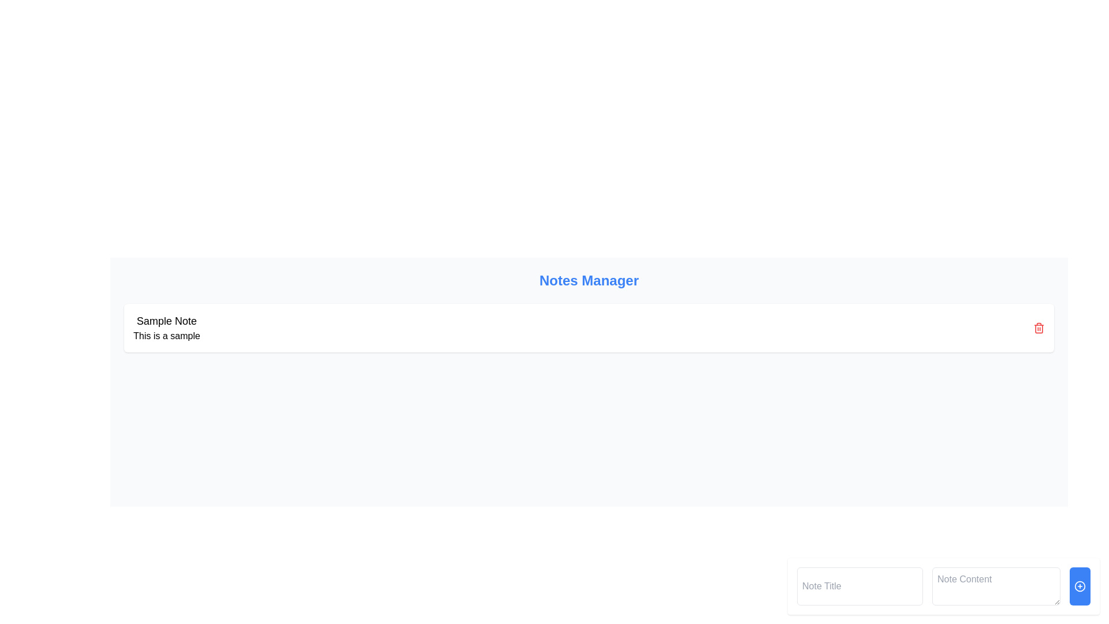 Image resolution: width=1109 pixels, height=624 pixels. I want to click on the button containing the circular icon component located at the bottom right corner of the interface, so click(1080, 586).